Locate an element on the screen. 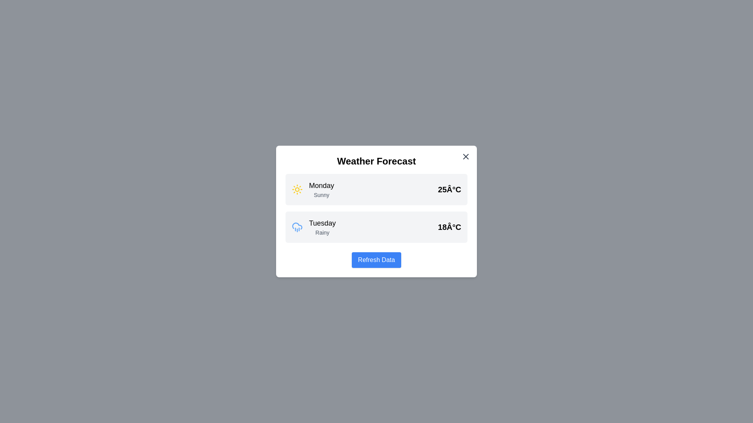 The width and height of the screenshot is (753, 423). temperature information displayed in bold text '18Â°C' located on the right side of the 'Tuesday' weather card, adjacent to the 'Rainy' description and icon is located at coordinates (449, 227).